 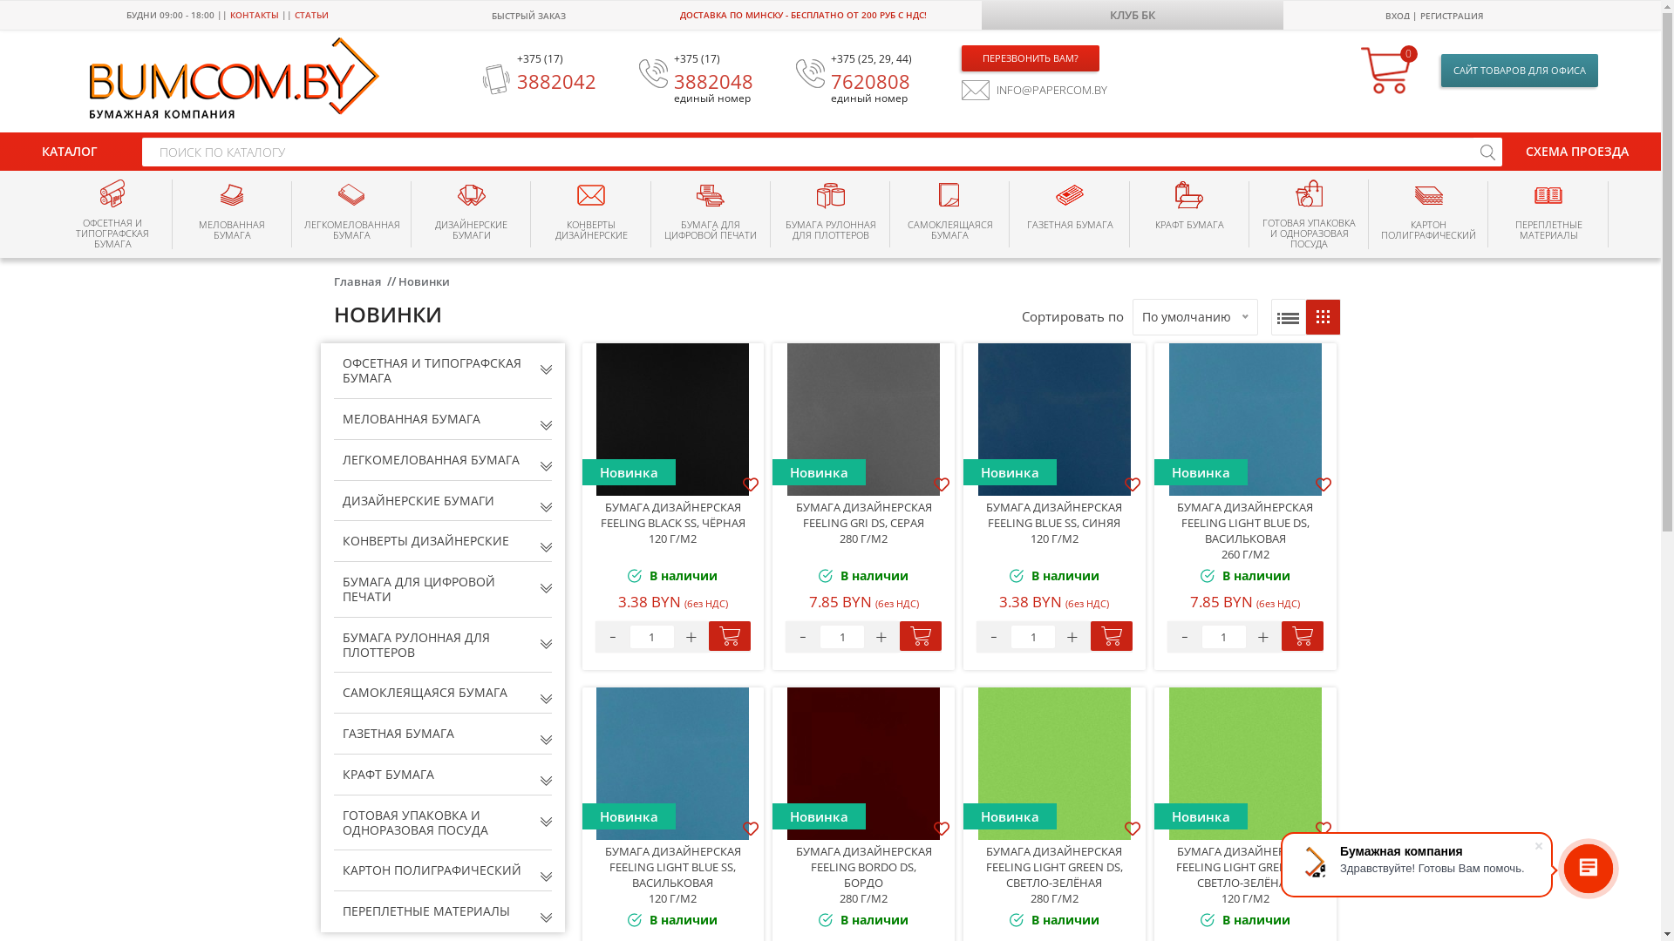 I want to click on '0', so click(x=1387, y=70).